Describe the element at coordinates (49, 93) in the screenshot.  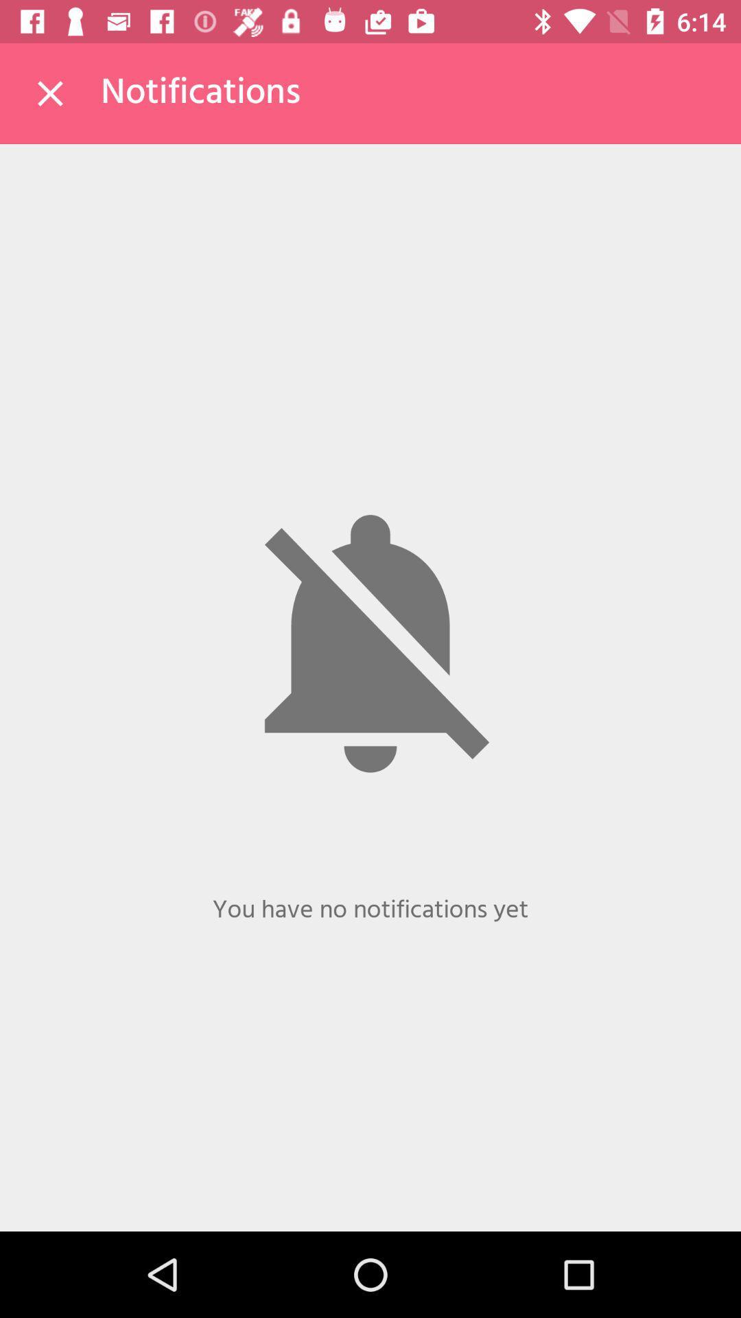
I see `the item next to notifications item` at that location.